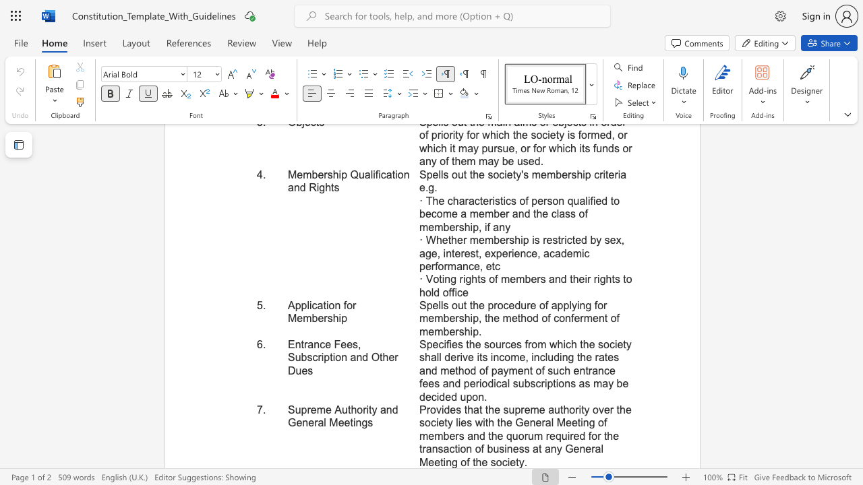 The image size is (863, 485). What do you see at coordinates (457, 449) in the screenshot?
I see `the subset text "ion of business at a" within the text "for the transaction of business at any General Meeting of the society."` at bounding box center [457, 449].